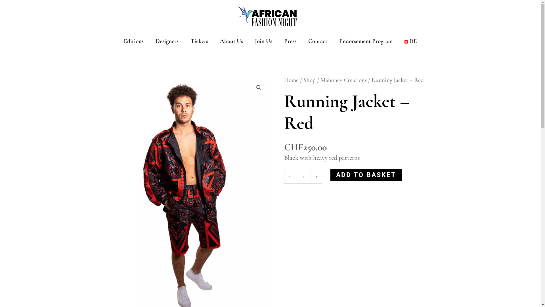 This screenshot has width=545, height=307. Describe the element at coordinates (309, 80) in the screenshot. I see `'Shop'` at that location.